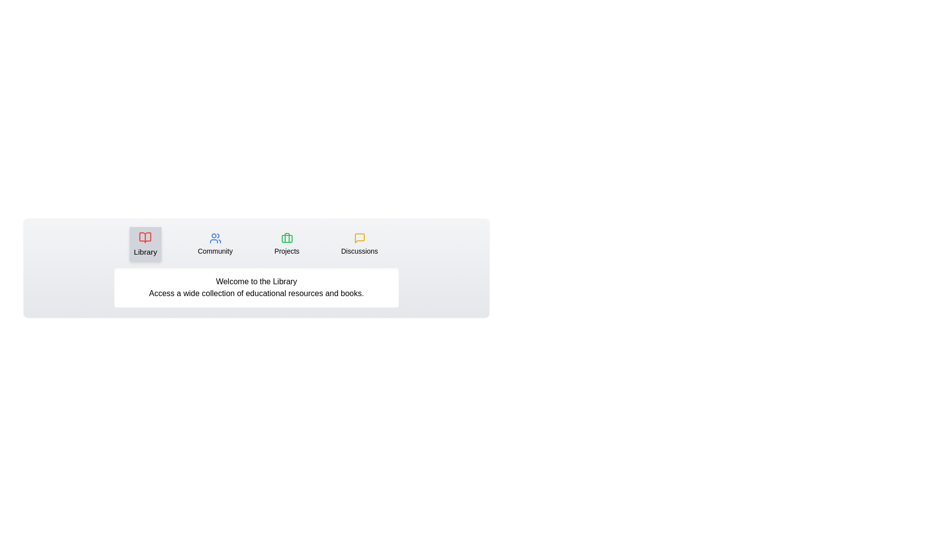  What do you see at coordinates (256, 244) in the screenshot?
I see `the navigation bar containing buttons for 'Library', 'Community', 'Projects', and 'Discussions'` at bounding box center [256, 244].